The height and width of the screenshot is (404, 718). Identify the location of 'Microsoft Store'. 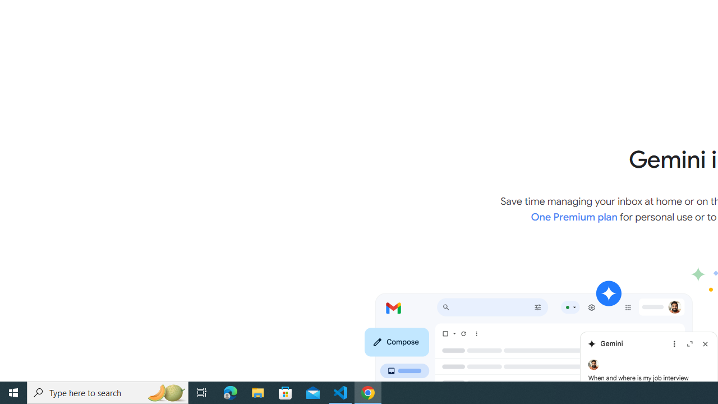
(286, 392).